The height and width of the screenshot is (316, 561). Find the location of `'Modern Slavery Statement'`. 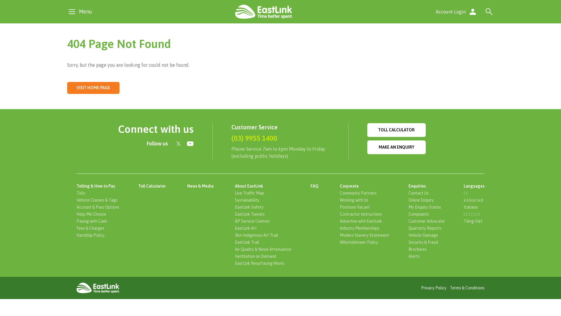

'Modern Slavery Statement' is located at coordinates (340, 235).